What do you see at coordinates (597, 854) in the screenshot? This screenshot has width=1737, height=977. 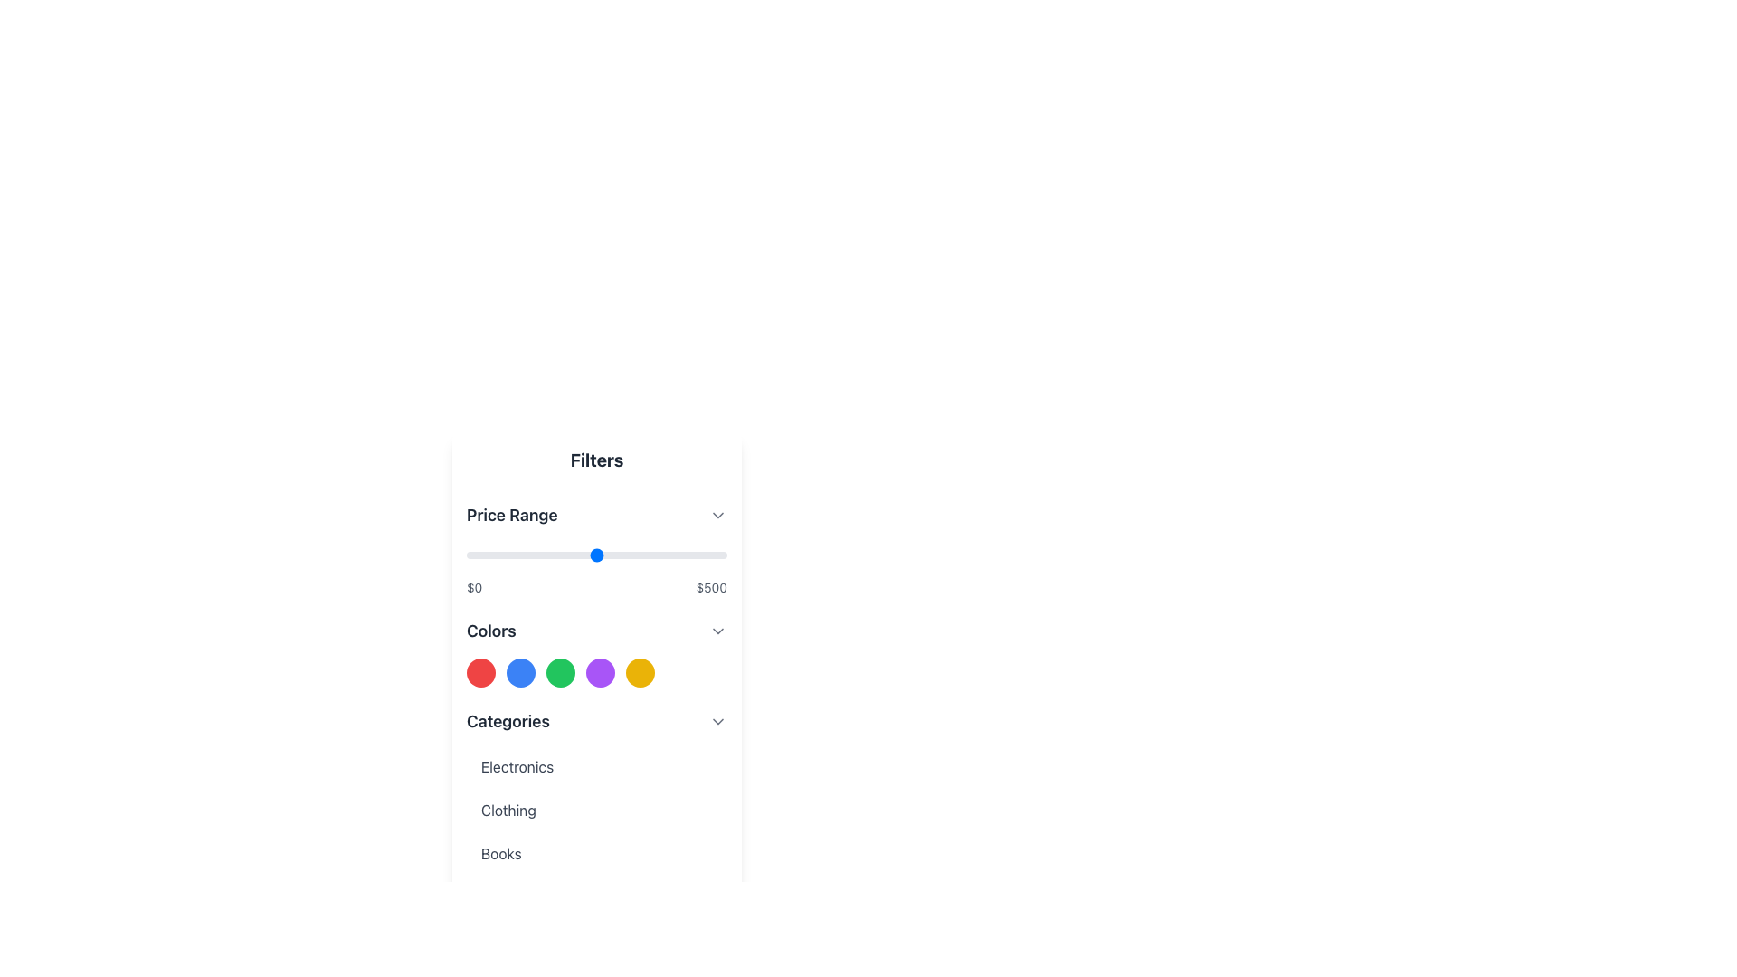 I see `the 'Books' category selector button located in the vertical list of categories, specifically the third item` at bounding box center [597, 854].